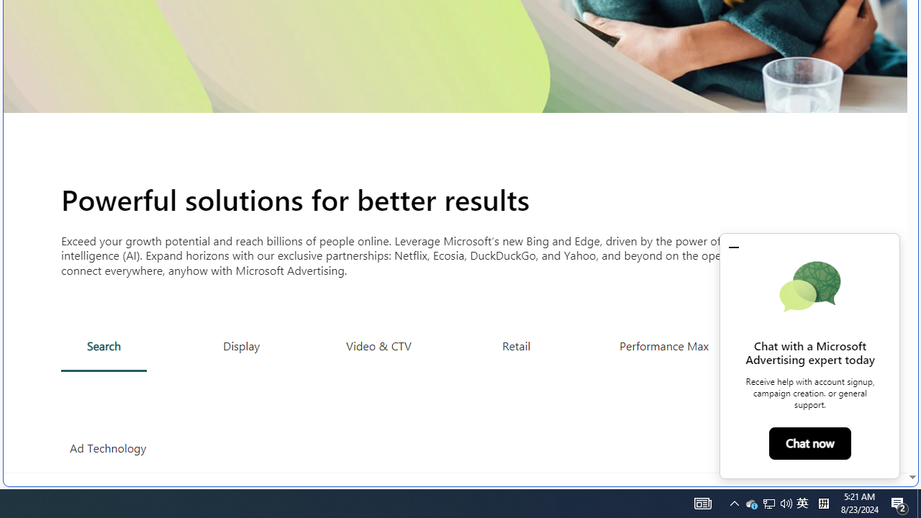  Describe the element at coordinates (809, 442) in the screenshot. I see `'Chat now'` at that location.